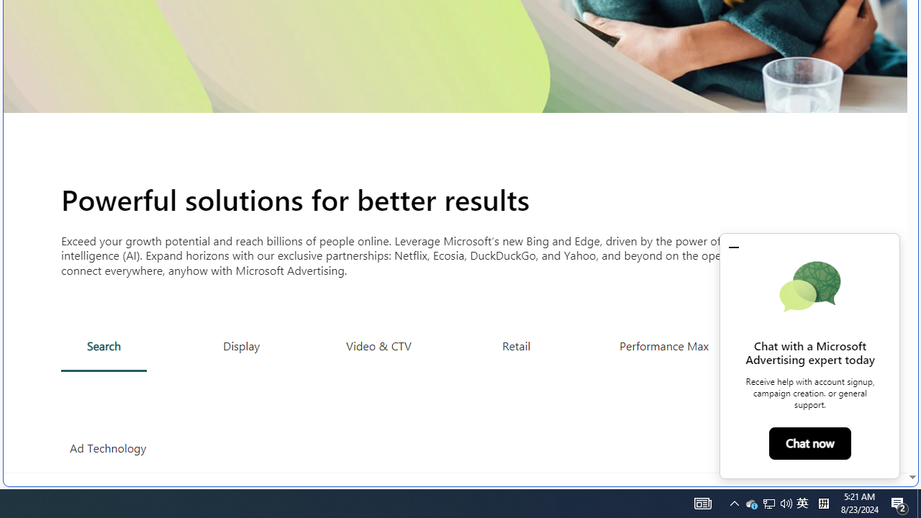  Describe the element at coordinates (809, 442) in the screenshot. I see `'Chat now'` at that location.